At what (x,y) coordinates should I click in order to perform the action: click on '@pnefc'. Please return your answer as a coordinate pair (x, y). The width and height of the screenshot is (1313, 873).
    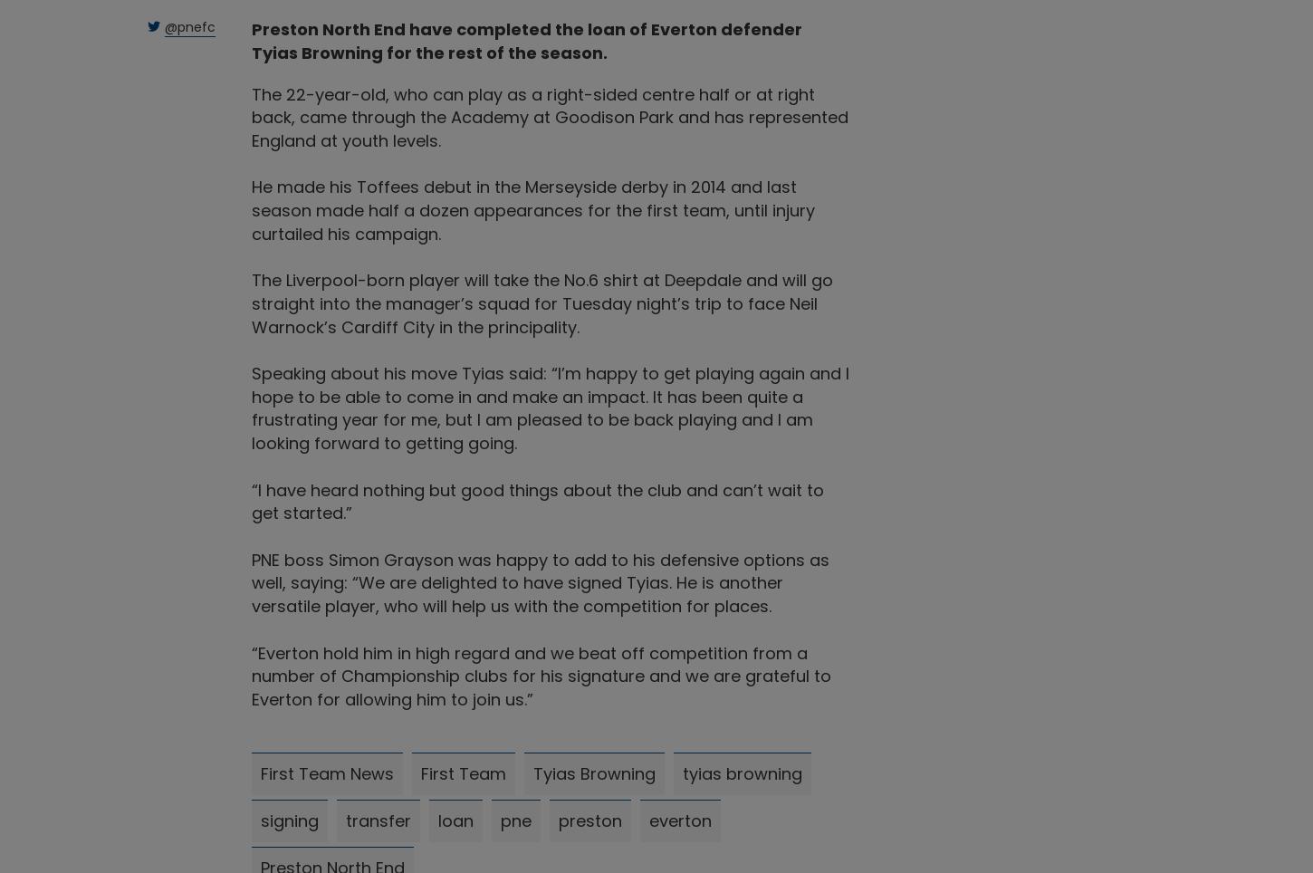
    Looking at the image, I should click on (188, 25).